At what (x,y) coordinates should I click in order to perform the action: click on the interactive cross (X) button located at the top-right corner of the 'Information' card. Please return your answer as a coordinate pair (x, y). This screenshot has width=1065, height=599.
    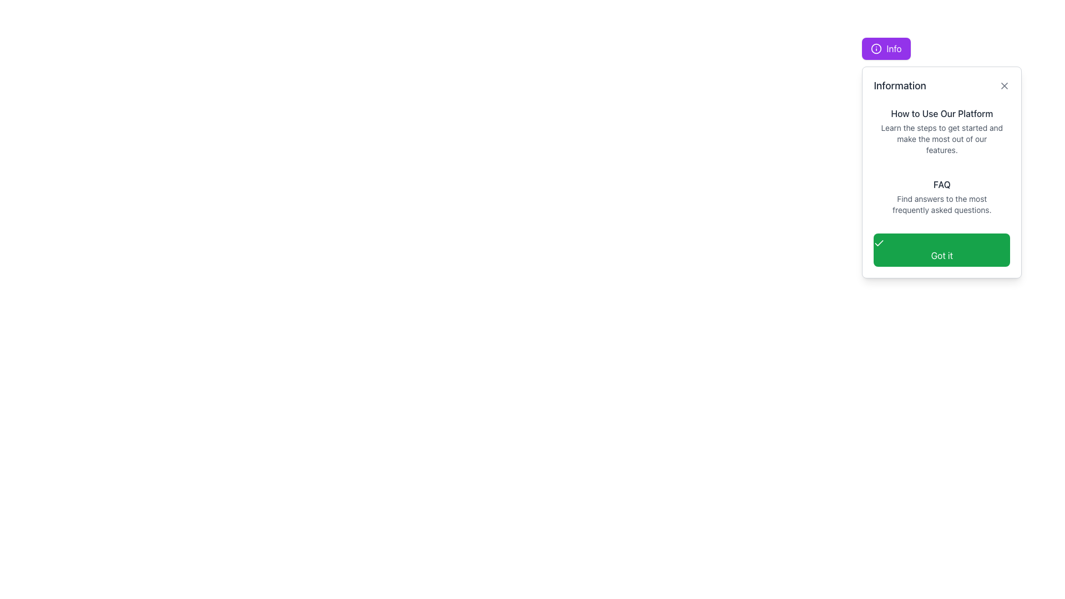
    Looking at the image, I should click on (1005, 85).